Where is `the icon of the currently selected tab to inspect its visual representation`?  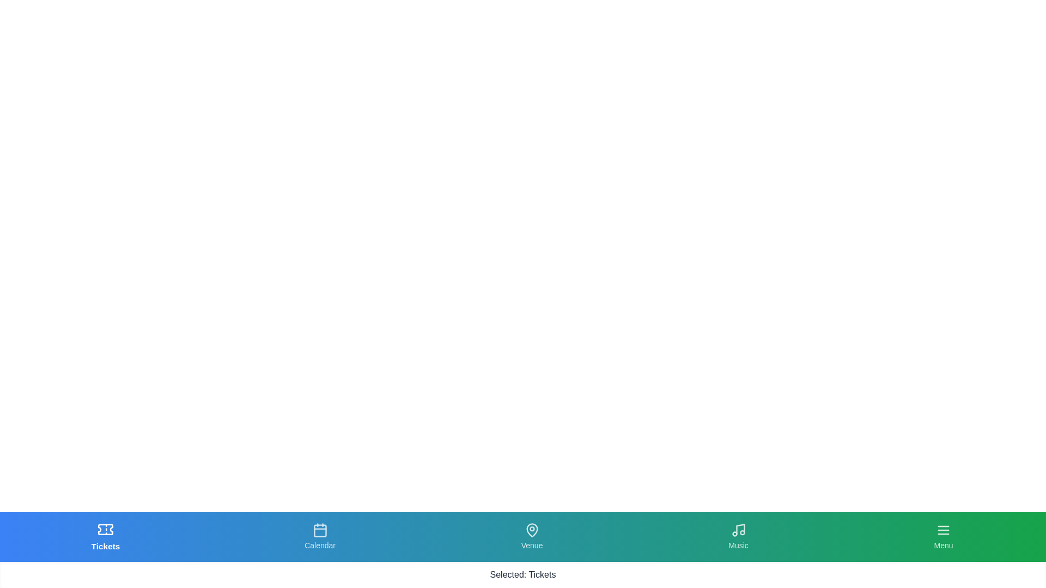
the icon of the currently selected tab to inspect its visual representation is located at coordinates (106, 529).